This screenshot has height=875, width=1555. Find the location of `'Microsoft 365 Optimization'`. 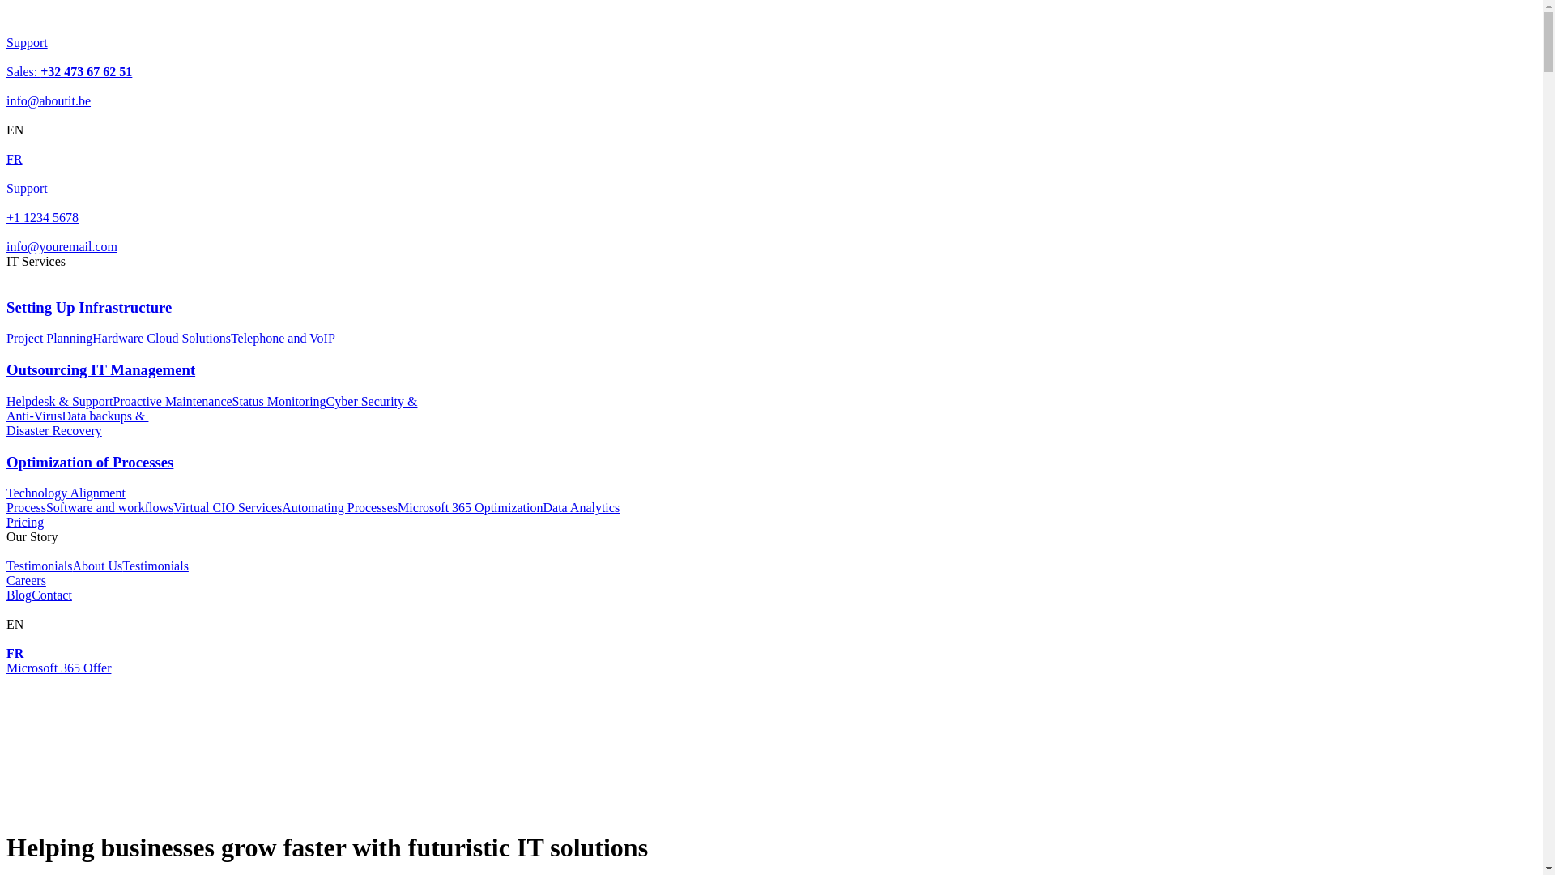

'Microsoft 365 Optimization' is located at coordinates (469, 506).